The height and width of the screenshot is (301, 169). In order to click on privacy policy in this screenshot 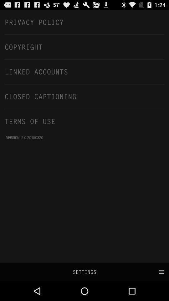, I will do `click(84, 22)`.